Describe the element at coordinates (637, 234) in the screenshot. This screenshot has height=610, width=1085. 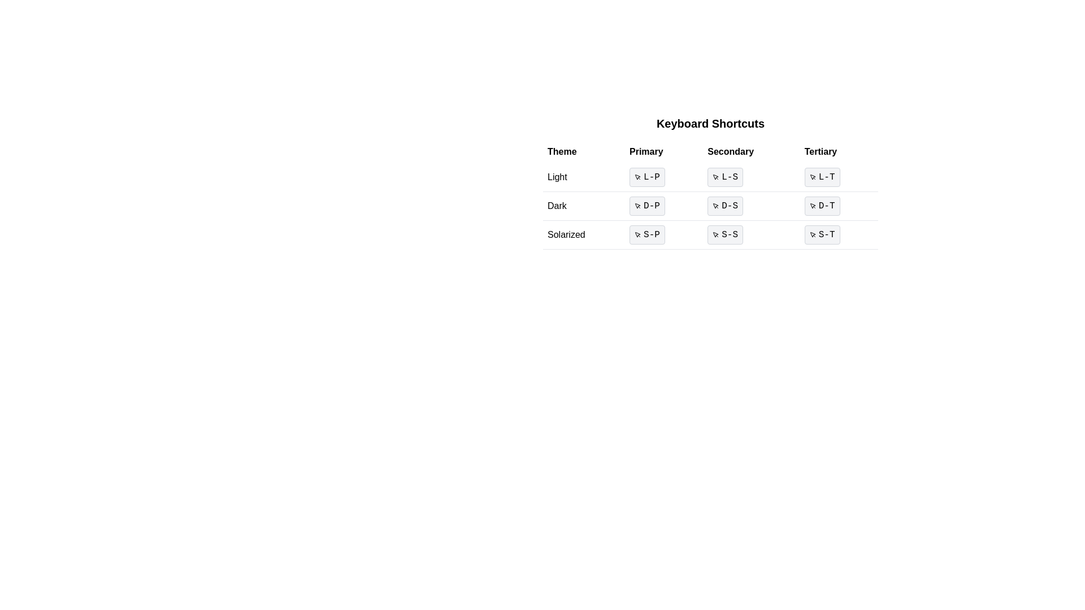
I see `the SVG Icon representing a mouse pointer located in the upper-left corner of the button labeled 'S-P' in the 'Primary' column of the 'Solarized' row in the keyboard shortcuts table` at that location.